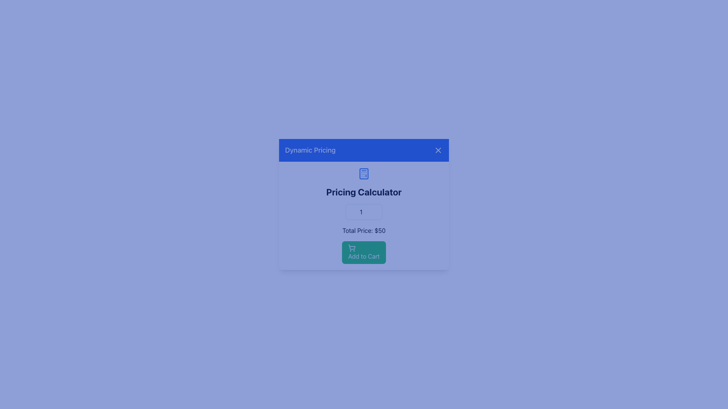 This screenshot has height=409, width=728. Describe the element at coordinates (364, 253) in the screenshot. I see `the green rectangular button labeled 'Add to Cart' with a shopping cart icon` at that location.